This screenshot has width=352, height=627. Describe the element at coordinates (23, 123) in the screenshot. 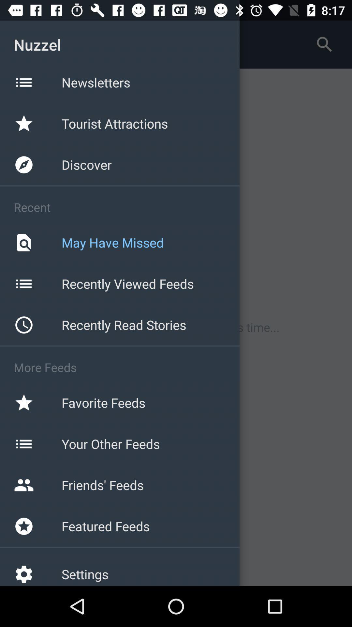

I see `the star icon on the web page` at that location.